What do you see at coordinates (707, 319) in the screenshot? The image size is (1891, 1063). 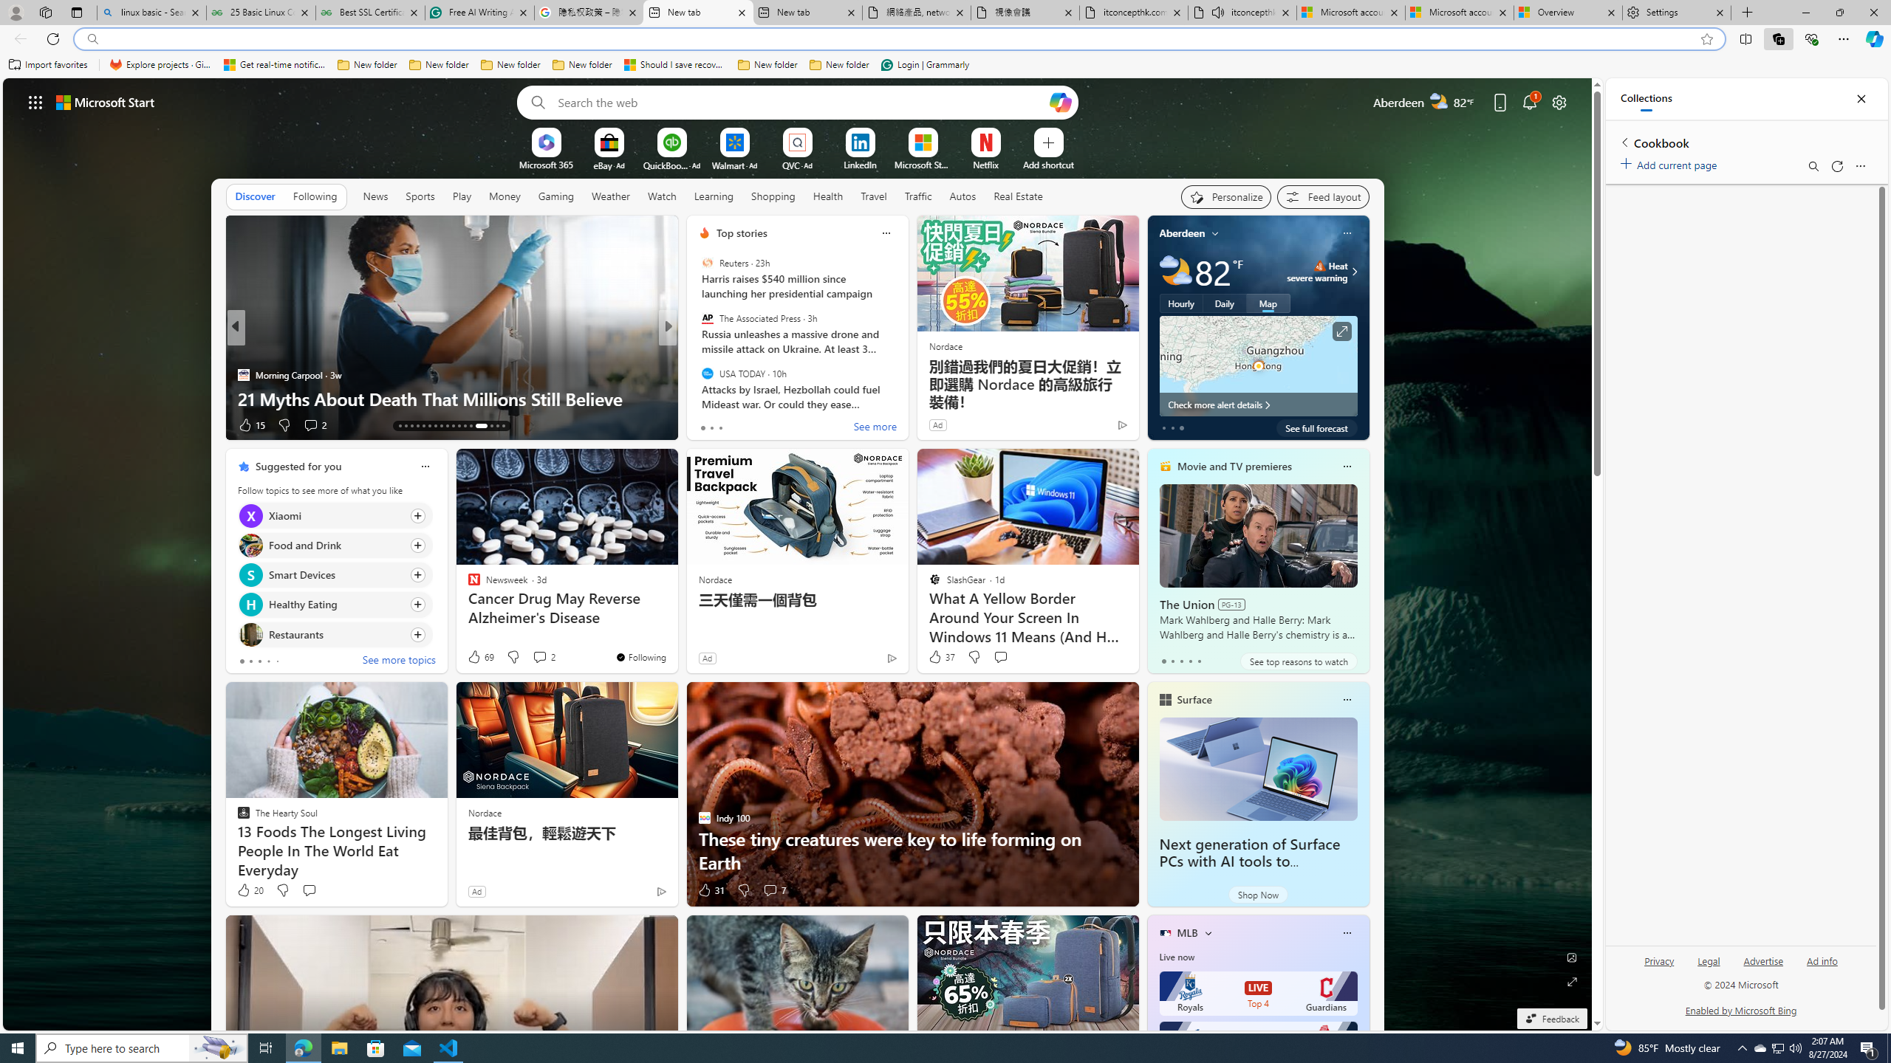 I see `'The Associated Press'` at bounding box center [707, 319].